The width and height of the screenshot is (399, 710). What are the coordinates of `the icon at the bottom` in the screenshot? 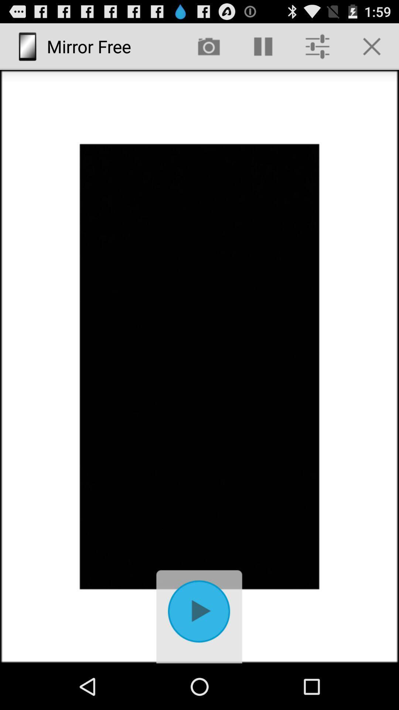 It's located at (199, 615).